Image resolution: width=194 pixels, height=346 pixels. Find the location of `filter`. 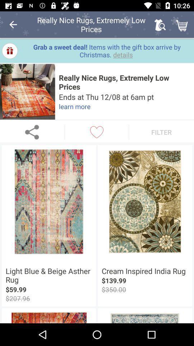

filter is located at coordinates (161, 132).